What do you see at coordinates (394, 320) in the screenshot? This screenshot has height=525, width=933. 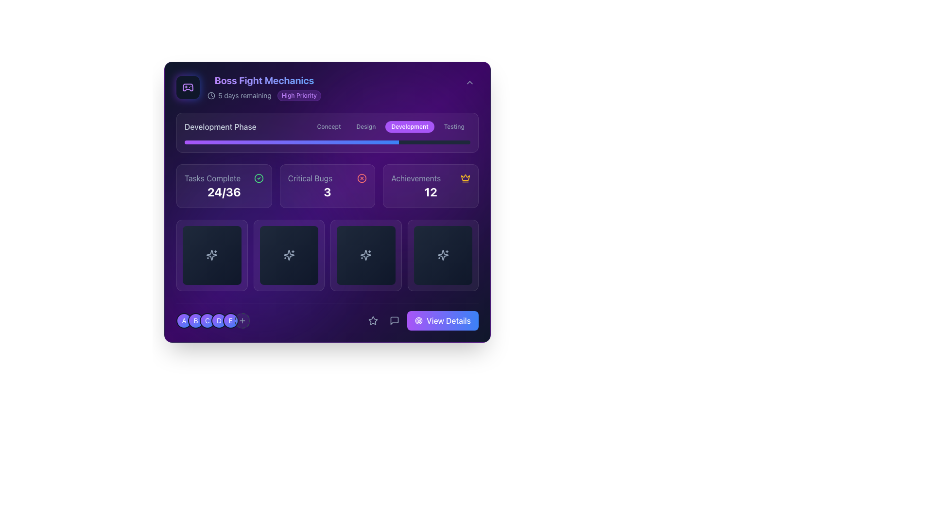 I see `the second interactive icon from the left, which is located to the left of the 'View Details' button` at bounding box center [394, 320].